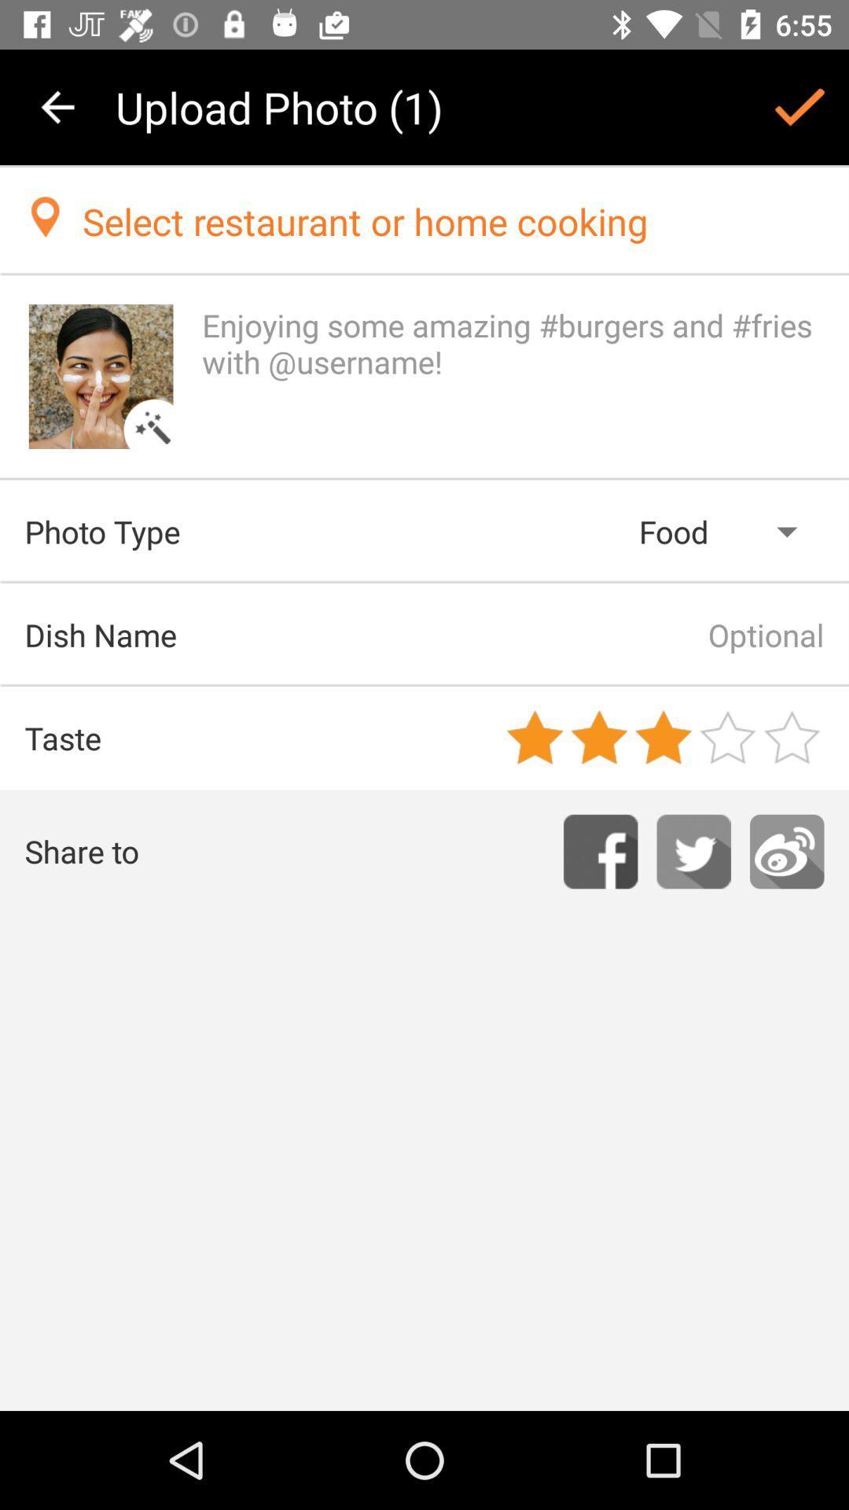  Describe the element at coordinates (101, 375) in the screenshot. I see `allows an image to be uploaded` at that location.